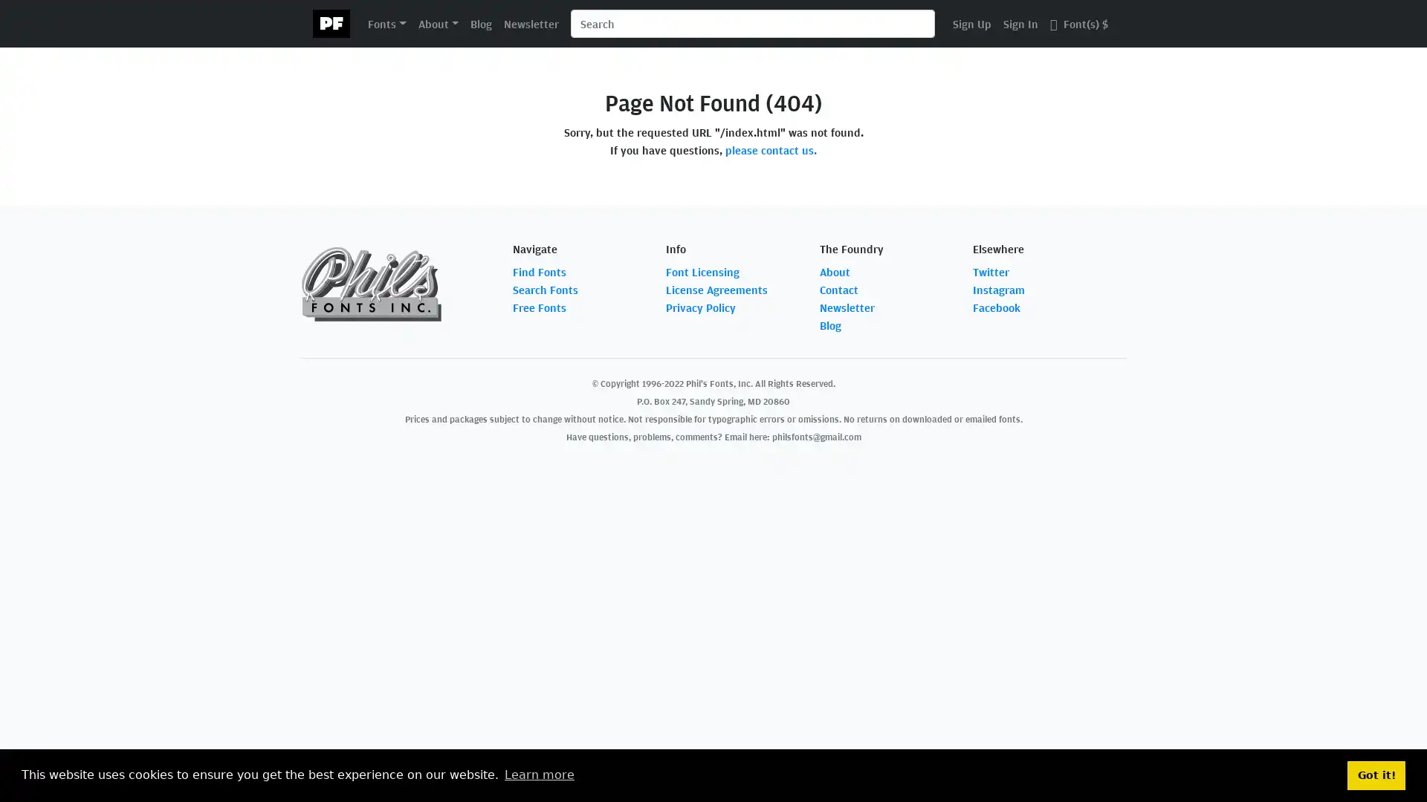 The width and height of the screenshot is (1427, 802). What do you see at coordinates (386, 22) in the screenshot?
I see `Fonts` at bounding box center [386, 22].